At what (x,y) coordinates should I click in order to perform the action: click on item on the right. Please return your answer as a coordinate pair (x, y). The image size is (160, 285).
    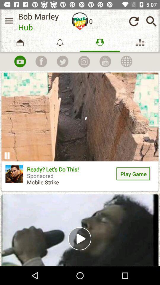
    Looking at the image, I should click on (133, 174).